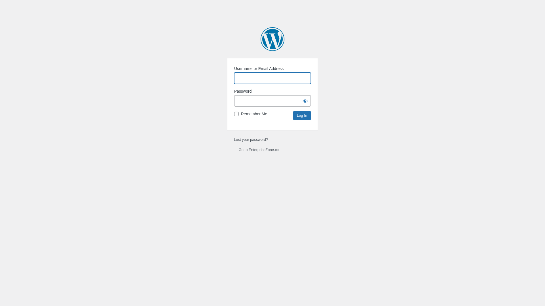 This screenshot has width=545, height=306. Describe the element at coordinates (302, 115) in the screenshot. I see `'Log In'` at that location.